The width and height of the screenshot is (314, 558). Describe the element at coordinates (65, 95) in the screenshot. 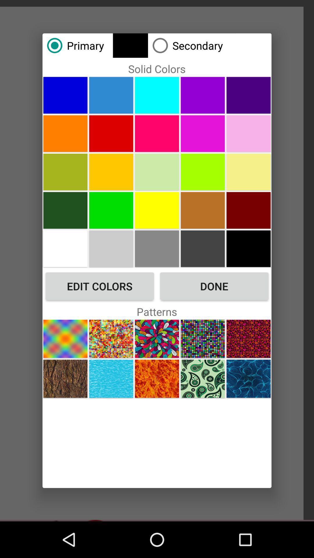

I see `the item below the primary icon` at that location.